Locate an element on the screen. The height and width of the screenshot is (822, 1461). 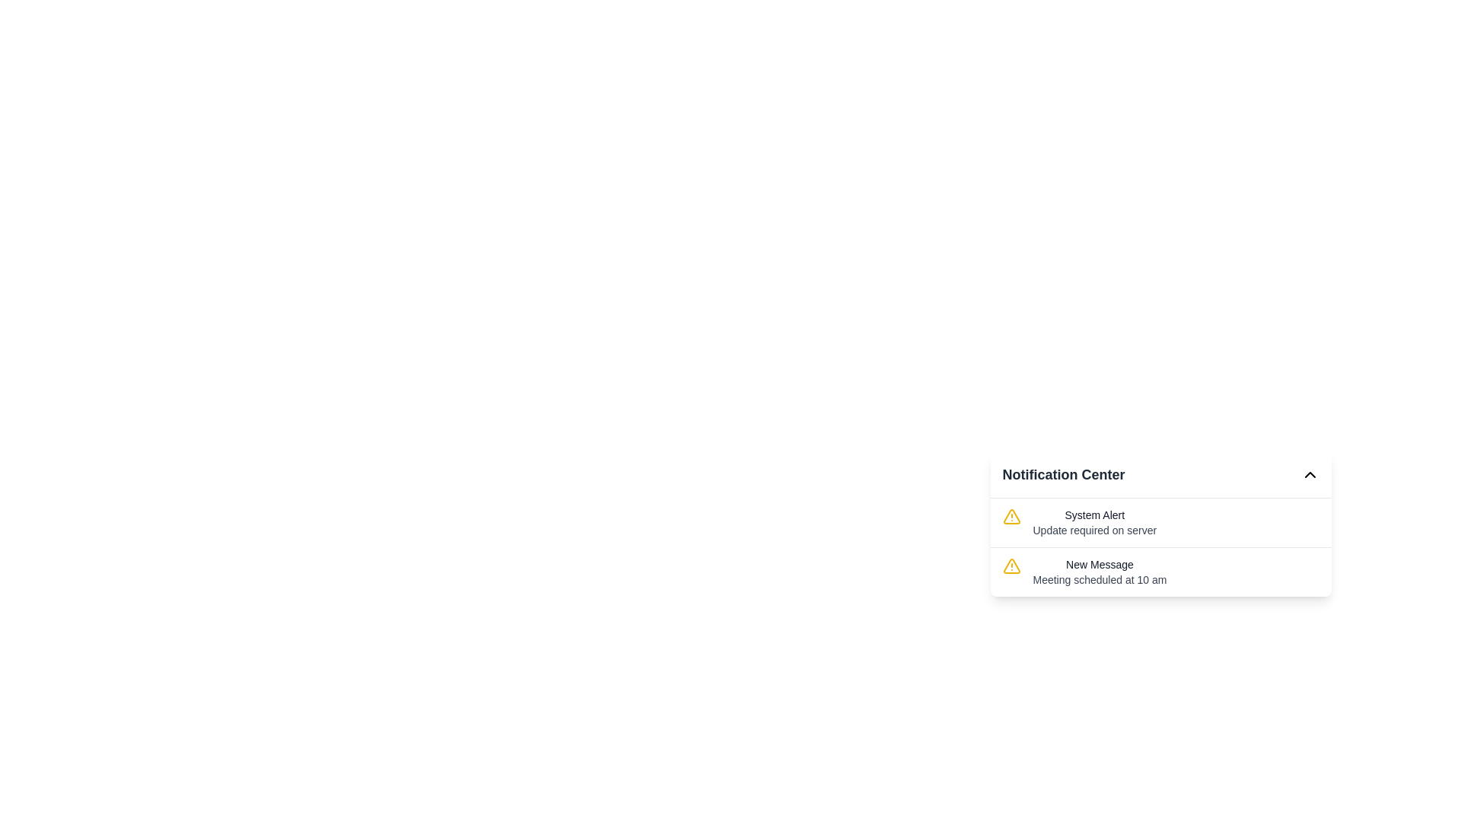
the 'Notification Center' text label, which is displayed in bold, large dark gray font at the top of the notification interface is located at coordinates (1062, 474).